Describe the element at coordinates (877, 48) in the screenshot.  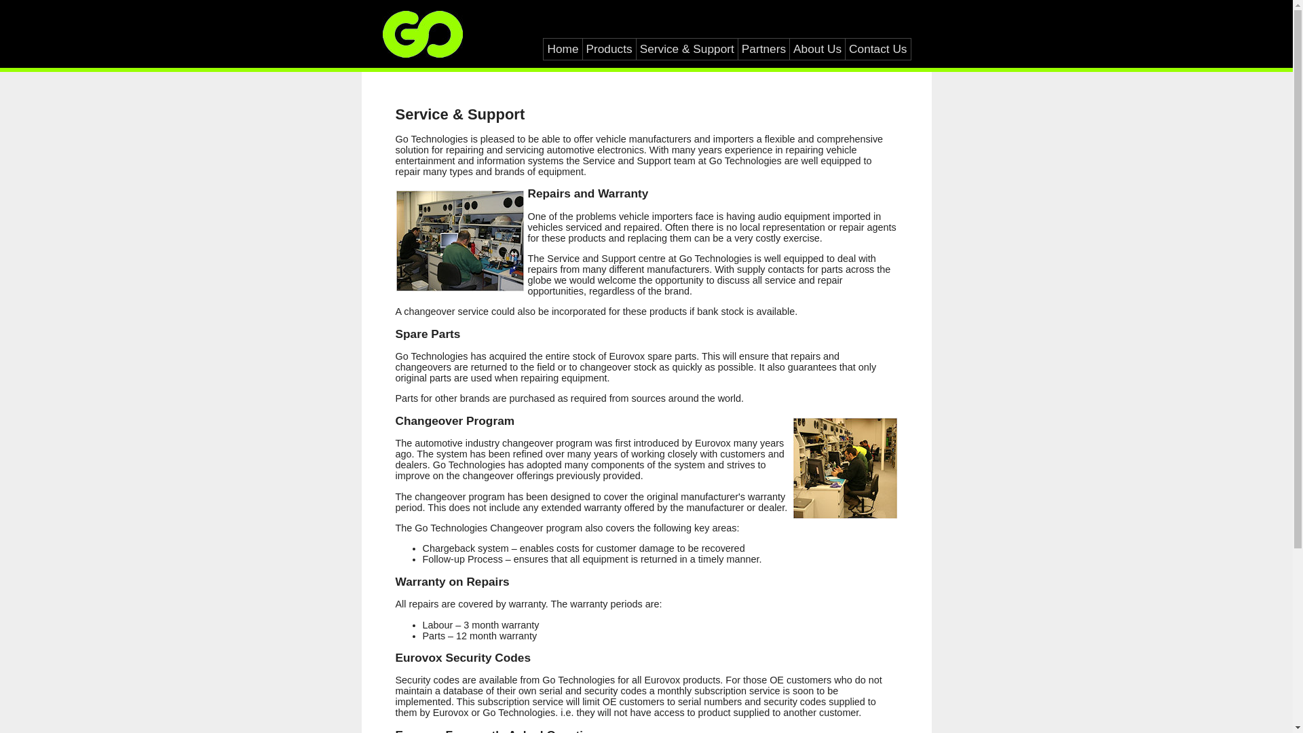
I see `'Contact Us'` at that location.